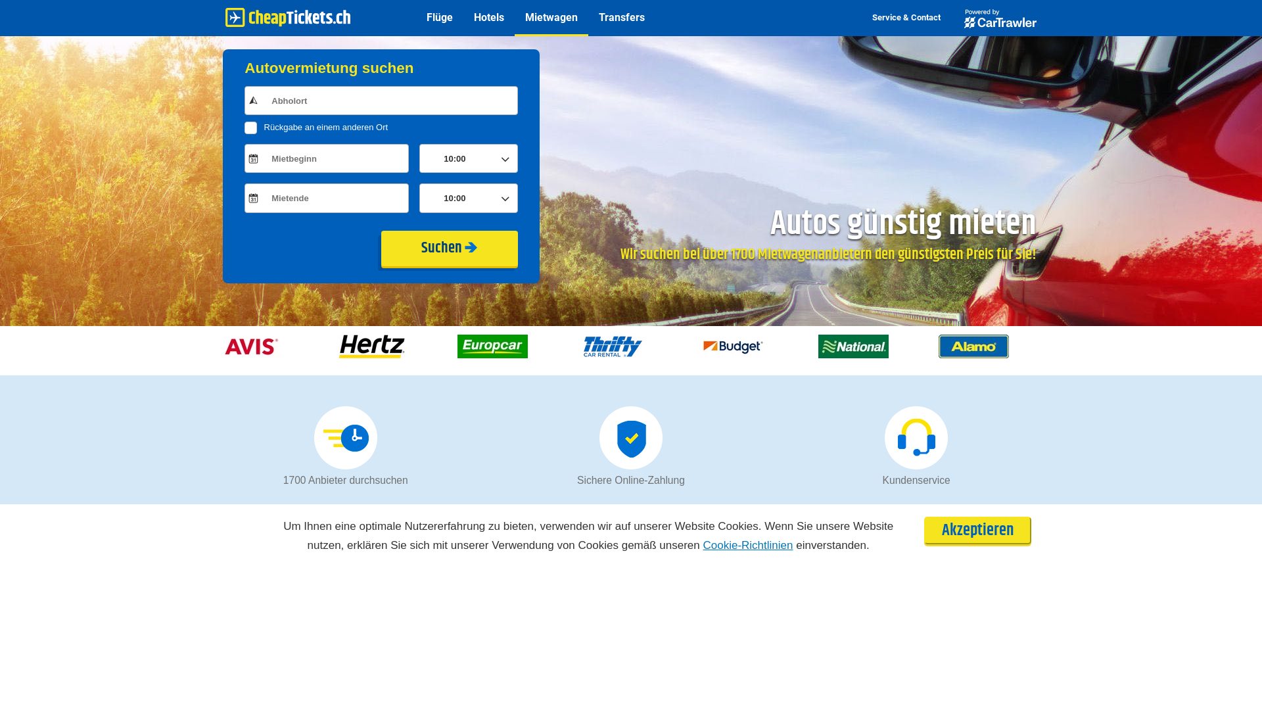 This screenshot has width=1262, height=710. Describe the element at coordinates (905, 18) in the screenshot. I see `'Service & Contact'` at that location.